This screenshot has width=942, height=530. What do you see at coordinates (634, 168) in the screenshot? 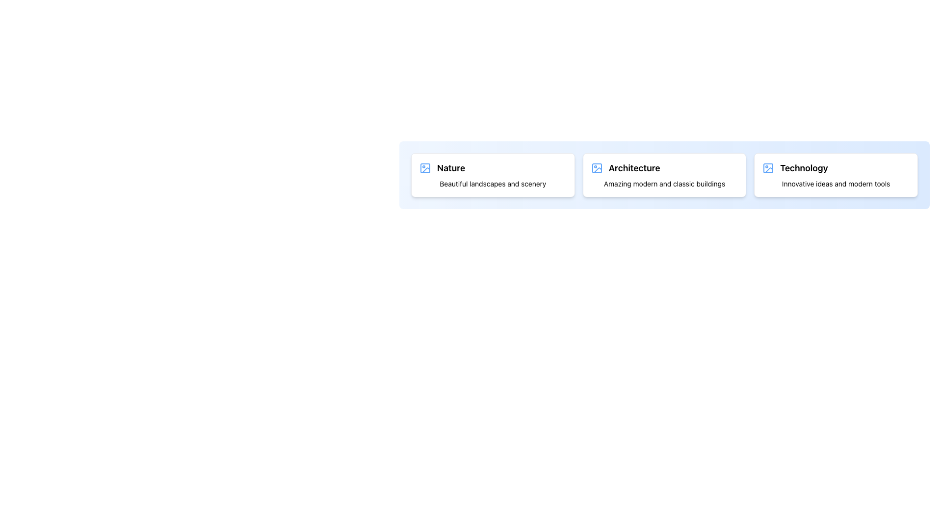
I see `text label displaying 'Architecture' which is centrally positioned in its card panel, located between the 'Nature' and 'Technology' cards` at bounding box center [634, 168].